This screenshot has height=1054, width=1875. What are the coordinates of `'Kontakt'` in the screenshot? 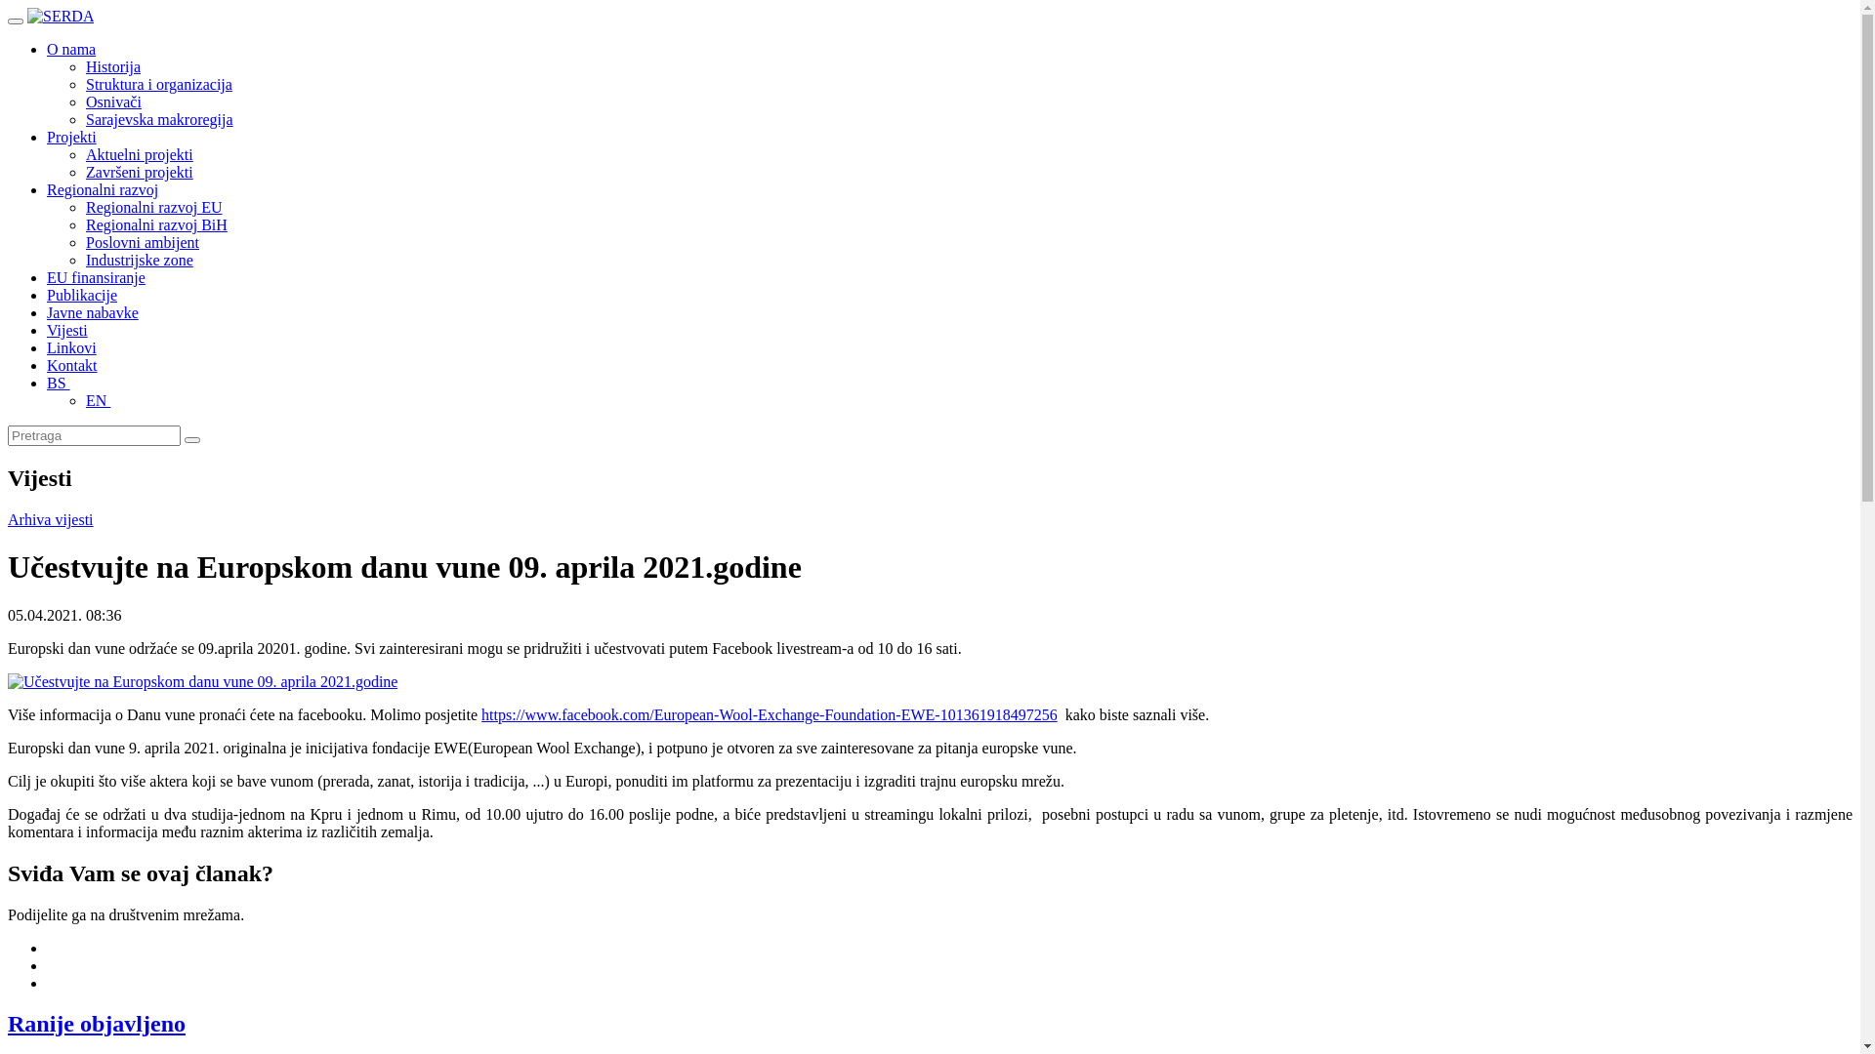 It's located at (71, 365).